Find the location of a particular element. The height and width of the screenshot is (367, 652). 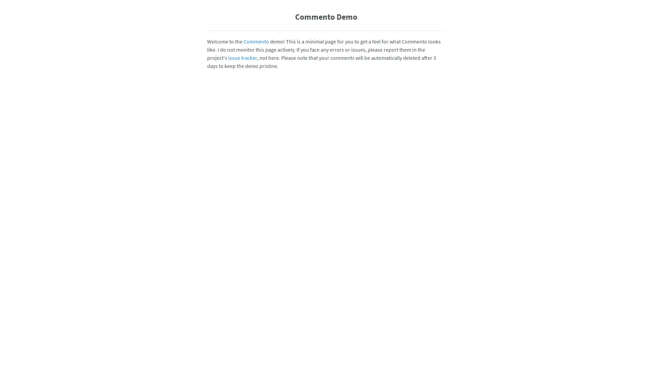

Collapse children is located at coordinates (440, 280).